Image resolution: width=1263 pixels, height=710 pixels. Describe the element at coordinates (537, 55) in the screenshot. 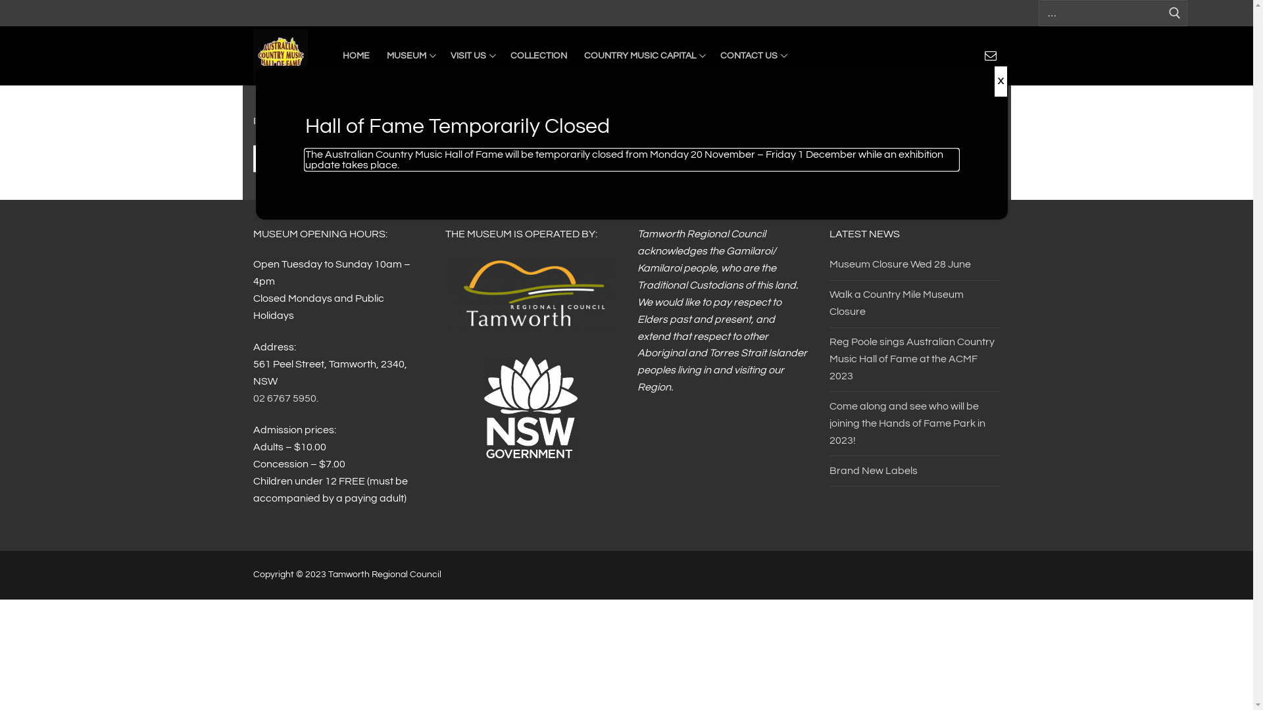

I see `'COLLECTION'` at that location.